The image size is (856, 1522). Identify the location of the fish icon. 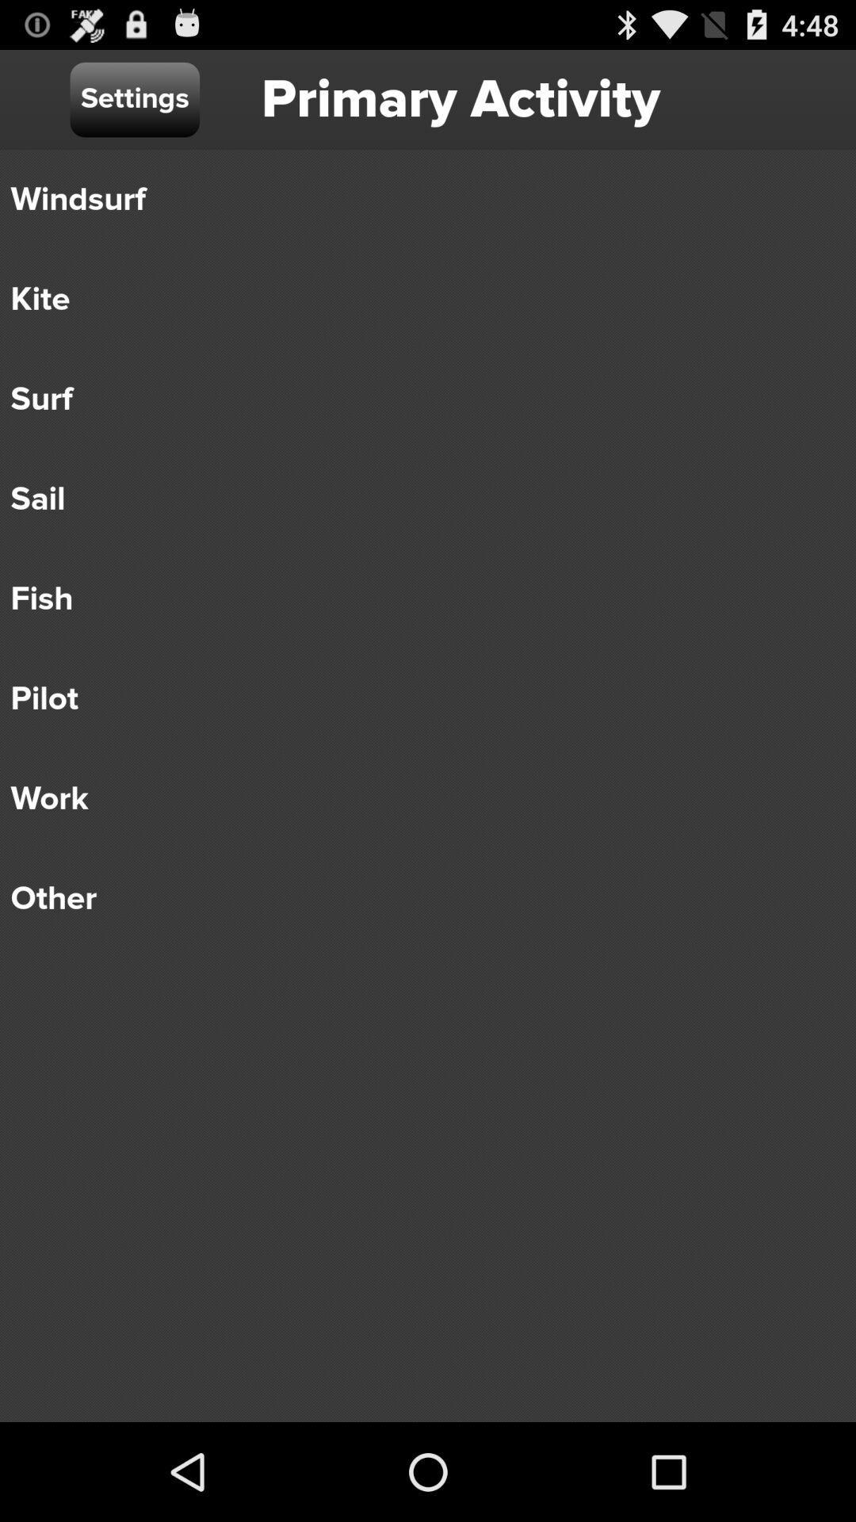
(416, 598).